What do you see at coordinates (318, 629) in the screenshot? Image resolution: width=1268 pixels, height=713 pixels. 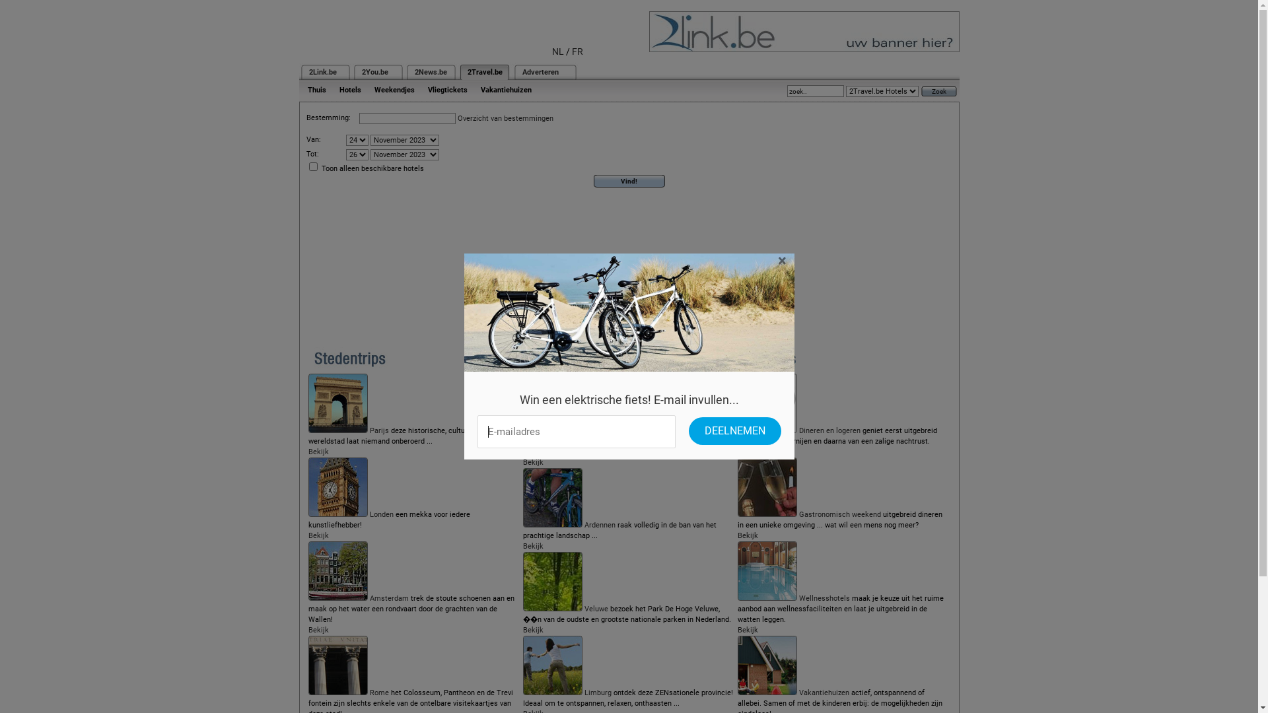 I see `'Bekijk'` at bounding box center [318, 629].